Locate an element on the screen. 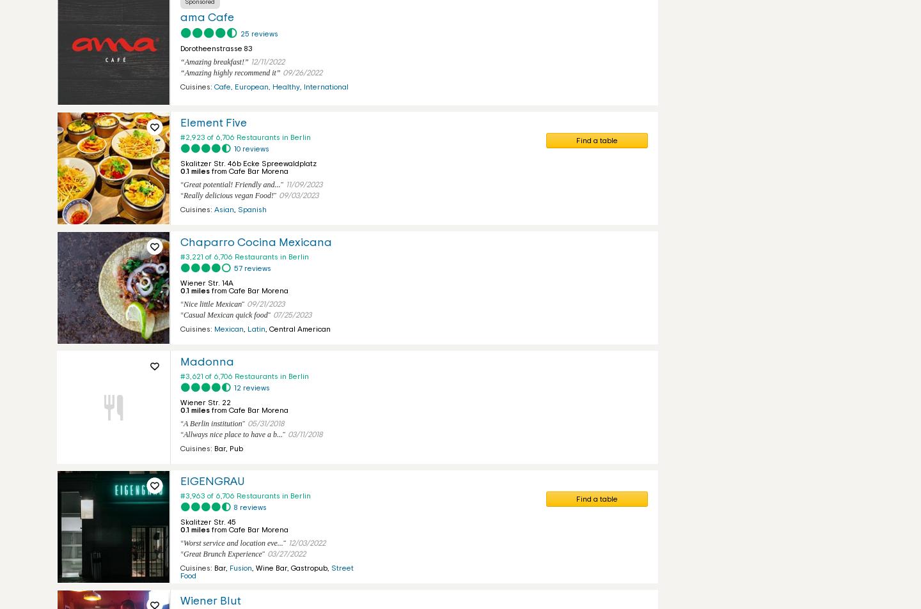  '09/26/2022' is located at coordinates (302, 72).